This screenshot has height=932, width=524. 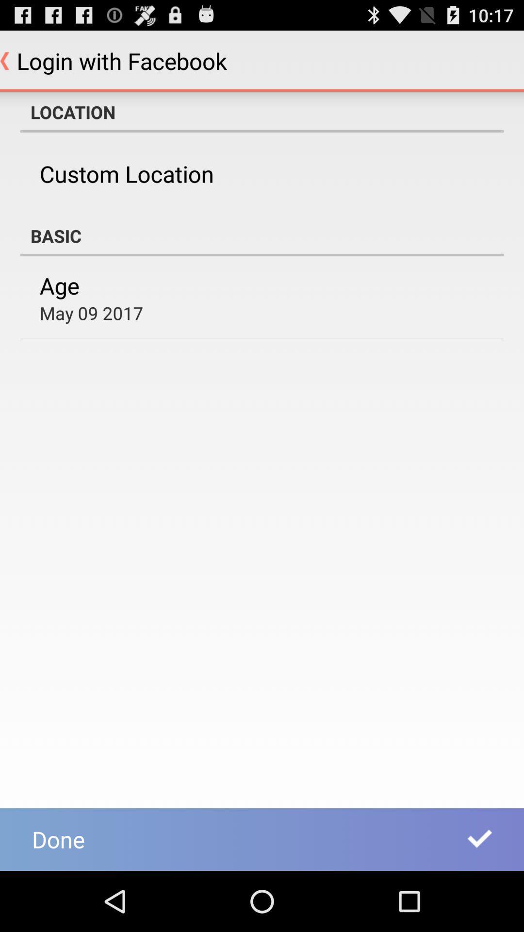 What do you see at coordinates (126, 174) in the screenshot?
I see `item below the location icon` at bounding box center [126, 174].